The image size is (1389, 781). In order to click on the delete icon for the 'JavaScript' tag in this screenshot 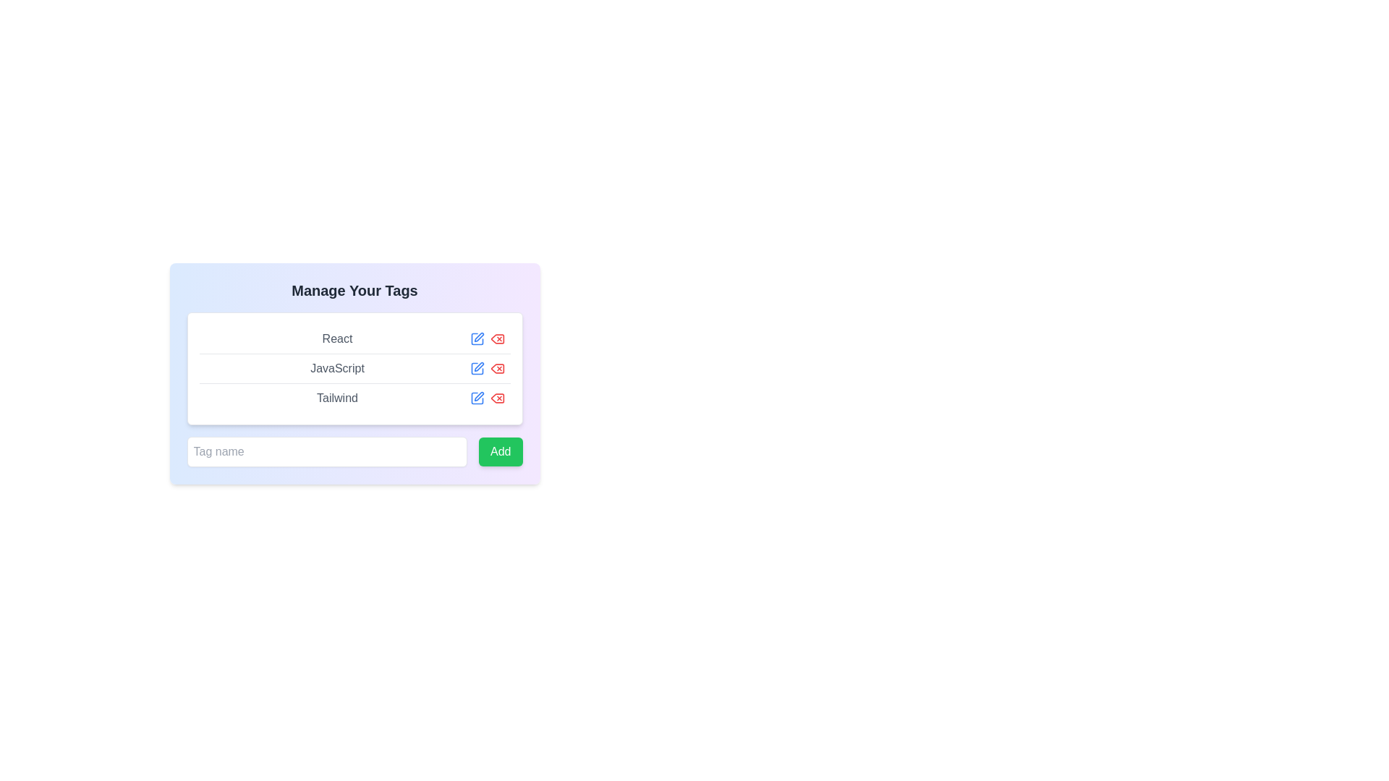, I will do `click(497, 367)`.